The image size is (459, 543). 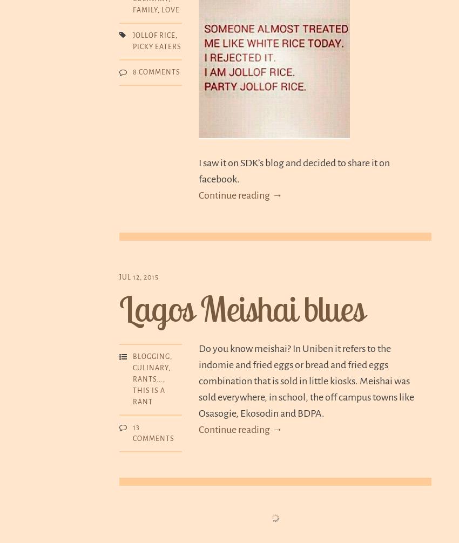 I want to click on '8 Comments', so click(x=132, y=72).